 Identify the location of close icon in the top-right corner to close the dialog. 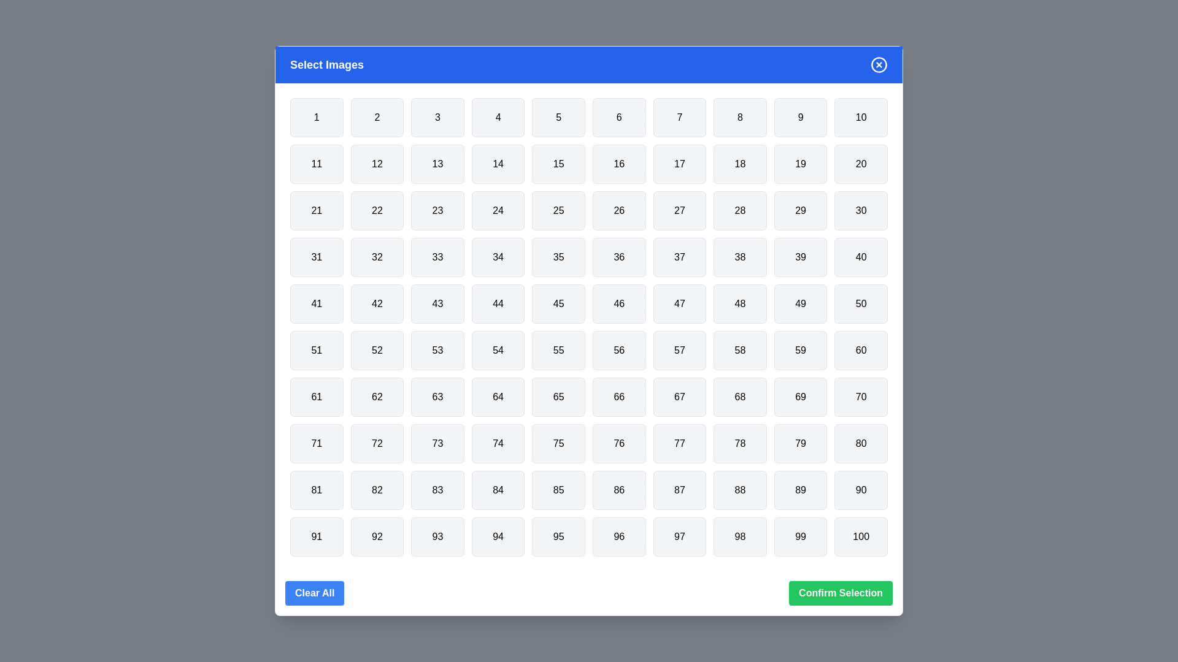
(879, 64).